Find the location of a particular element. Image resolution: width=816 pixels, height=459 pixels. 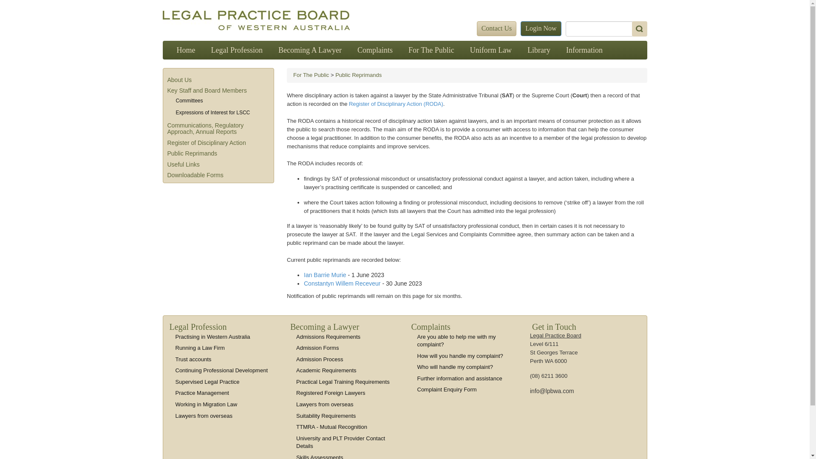

'Constantyn Willem Receveur' is located at coordinates (304, 283).